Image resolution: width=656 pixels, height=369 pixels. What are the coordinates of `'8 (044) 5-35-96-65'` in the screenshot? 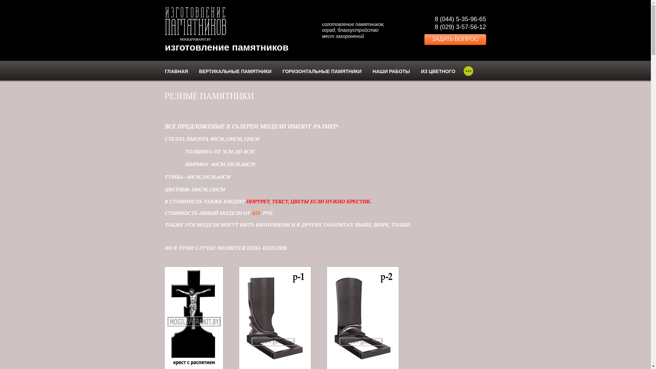 It's located at (460, 19).